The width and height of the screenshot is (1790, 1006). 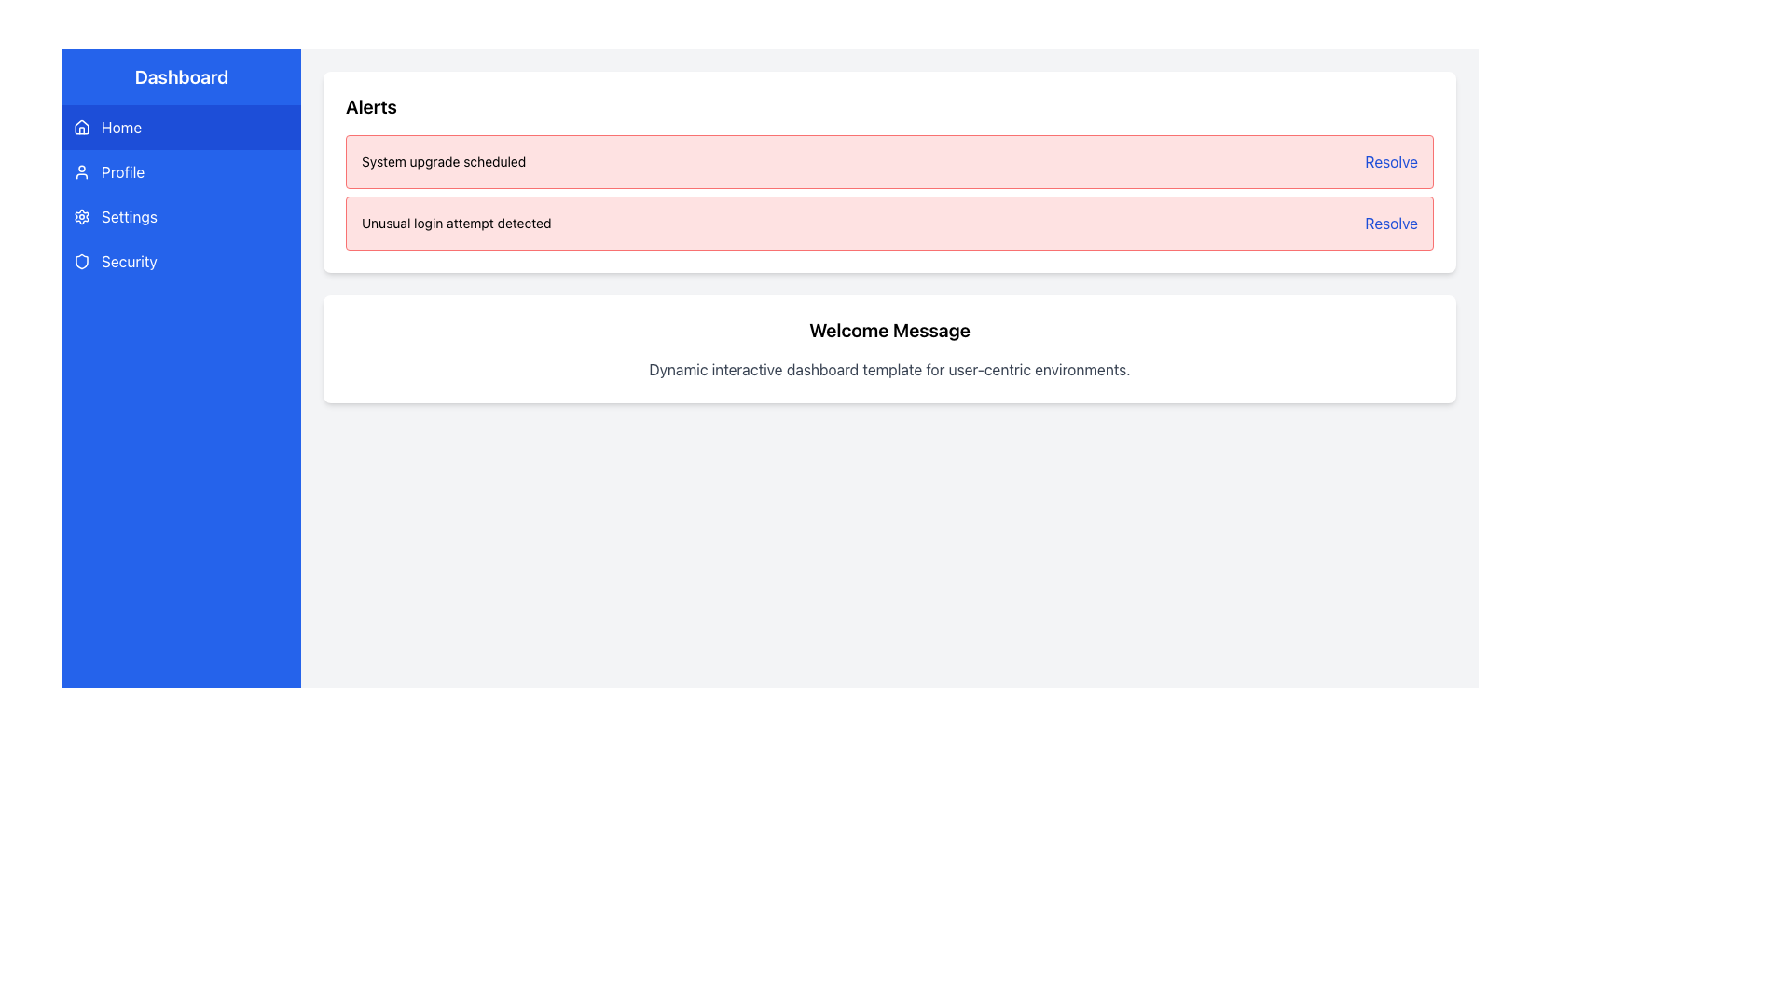 I want to click on the text header labeled 'Alerts' which is styled in bold and larger font, located at the top-left corner of a white box containing alert messages in the dashboard interface, so click(x=371, y=107).